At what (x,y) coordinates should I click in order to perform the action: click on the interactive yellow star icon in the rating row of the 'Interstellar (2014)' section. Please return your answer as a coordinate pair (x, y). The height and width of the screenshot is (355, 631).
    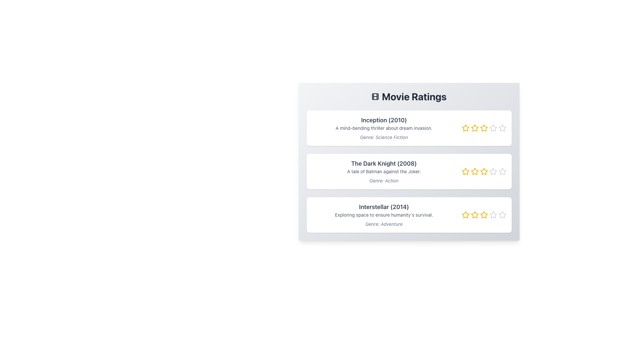
    Looking at the image, I should click on (484, 215).